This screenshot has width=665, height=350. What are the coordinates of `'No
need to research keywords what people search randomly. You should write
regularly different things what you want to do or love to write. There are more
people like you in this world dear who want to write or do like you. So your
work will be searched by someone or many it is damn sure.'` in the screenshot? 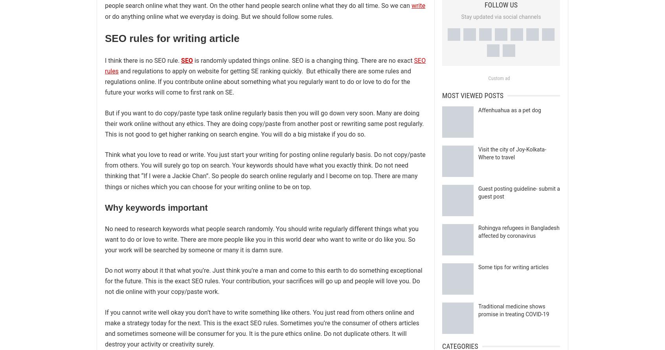 It's located at (261, 239).